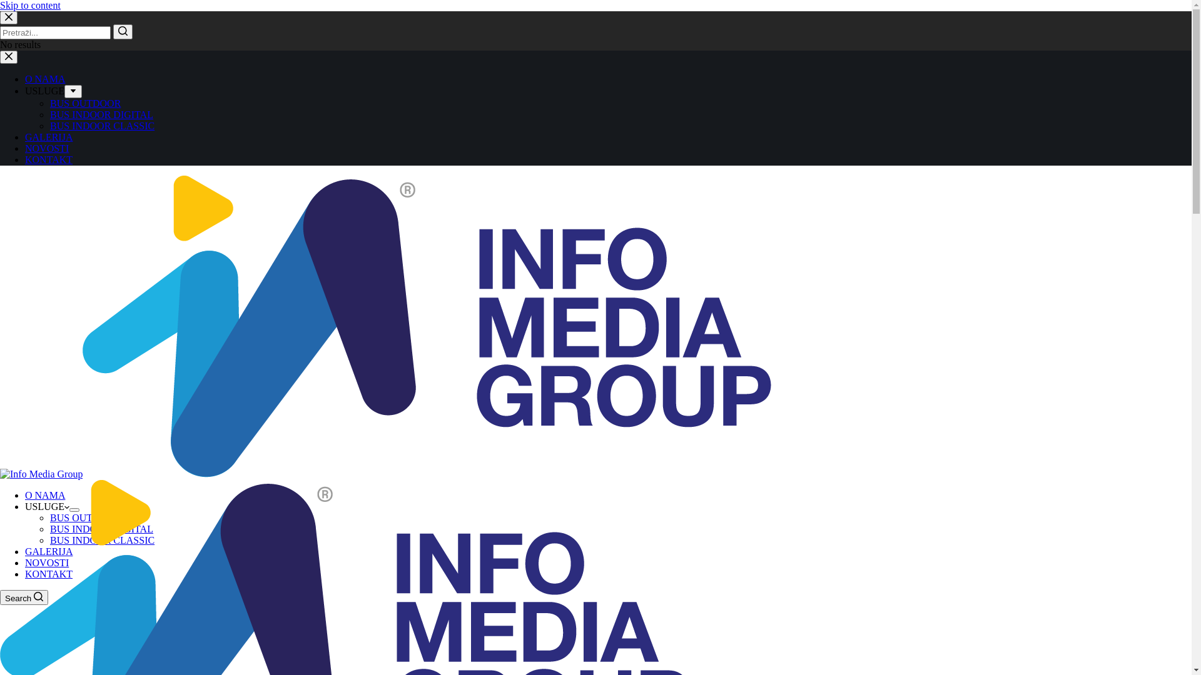 The image size is (1201, 675). Describe the element at coordinates (24, 137) in the screenshot. I see `'GALERIJA'` at that location.